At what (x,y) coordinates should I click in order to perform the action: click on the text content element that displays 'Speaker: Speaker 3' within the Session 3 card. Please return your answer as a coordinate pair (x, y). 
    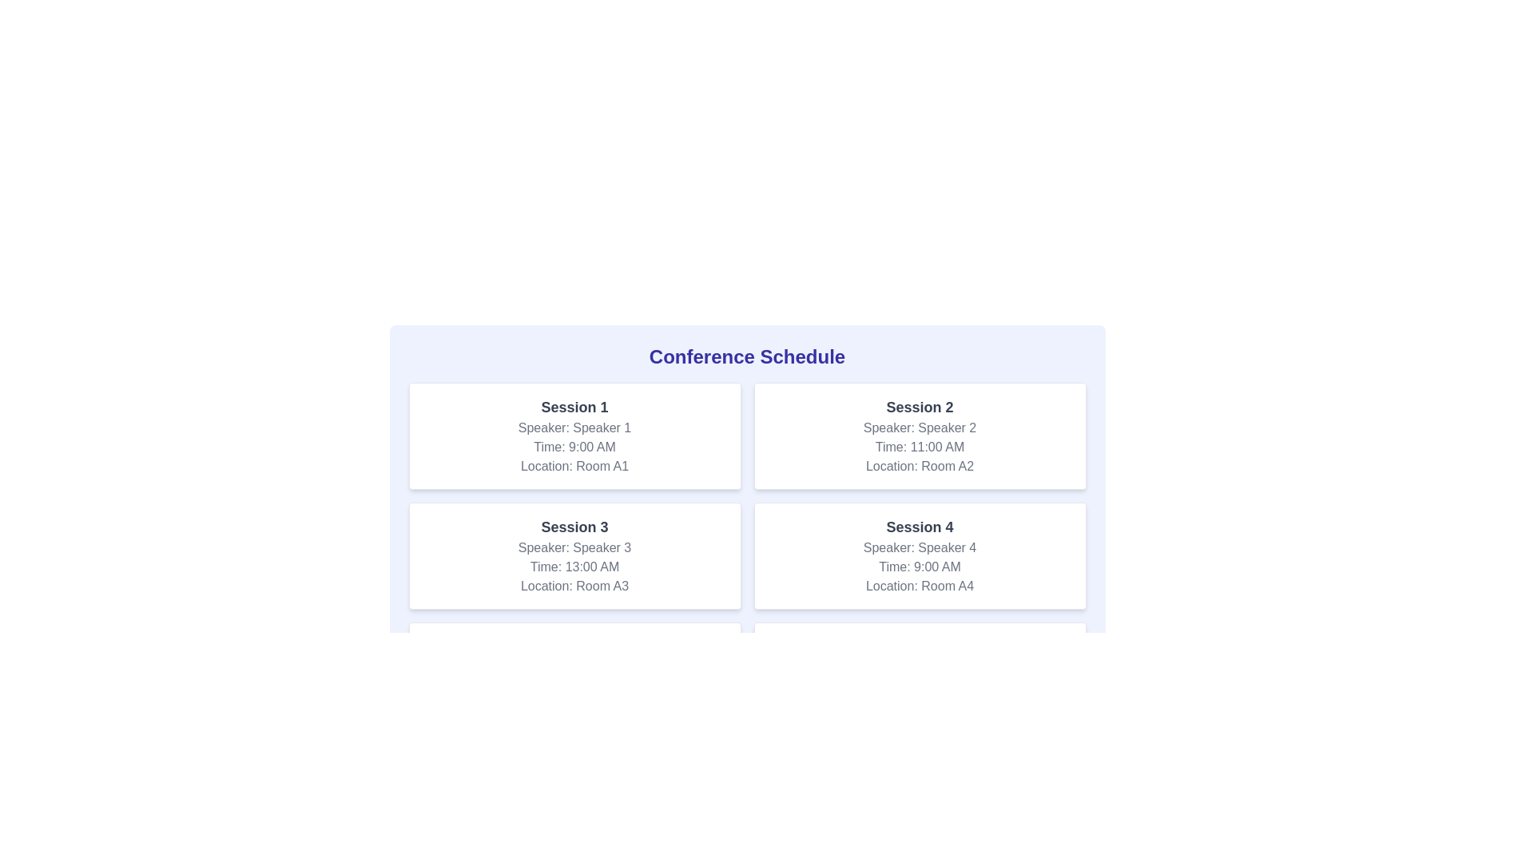
    Looking at the image, I should click on (574, 547).